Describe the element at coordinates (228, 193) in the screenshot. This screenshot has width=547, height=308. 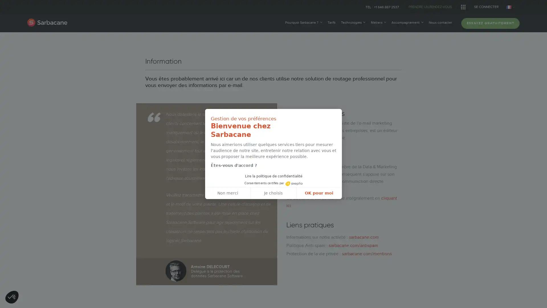
I see `Non merci` at that location.